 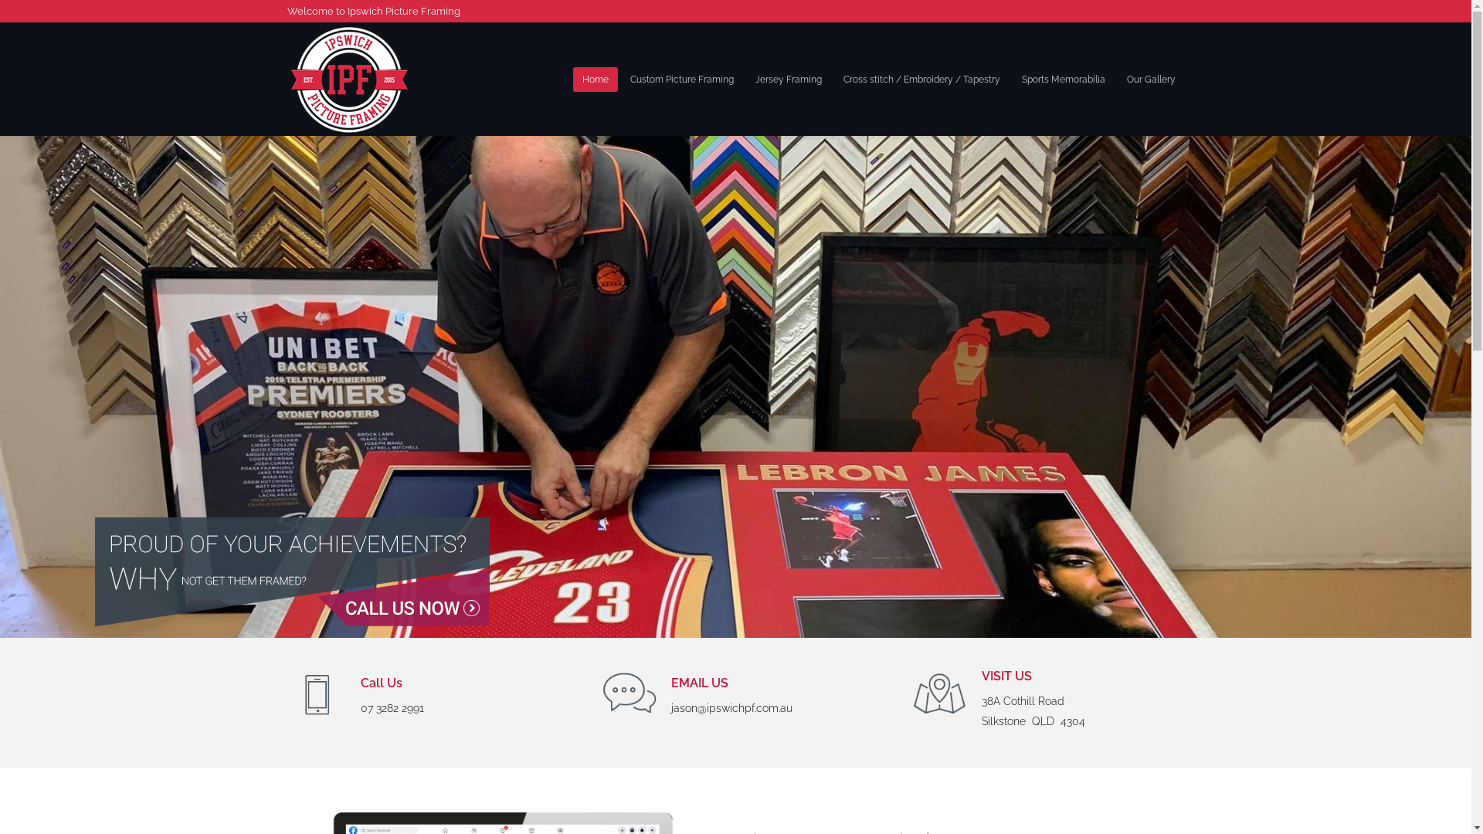 What do you see at coordinates (1150, 78) in the screenshot?
I see `'Our Gallery'` at bounding box center [1150, 78].